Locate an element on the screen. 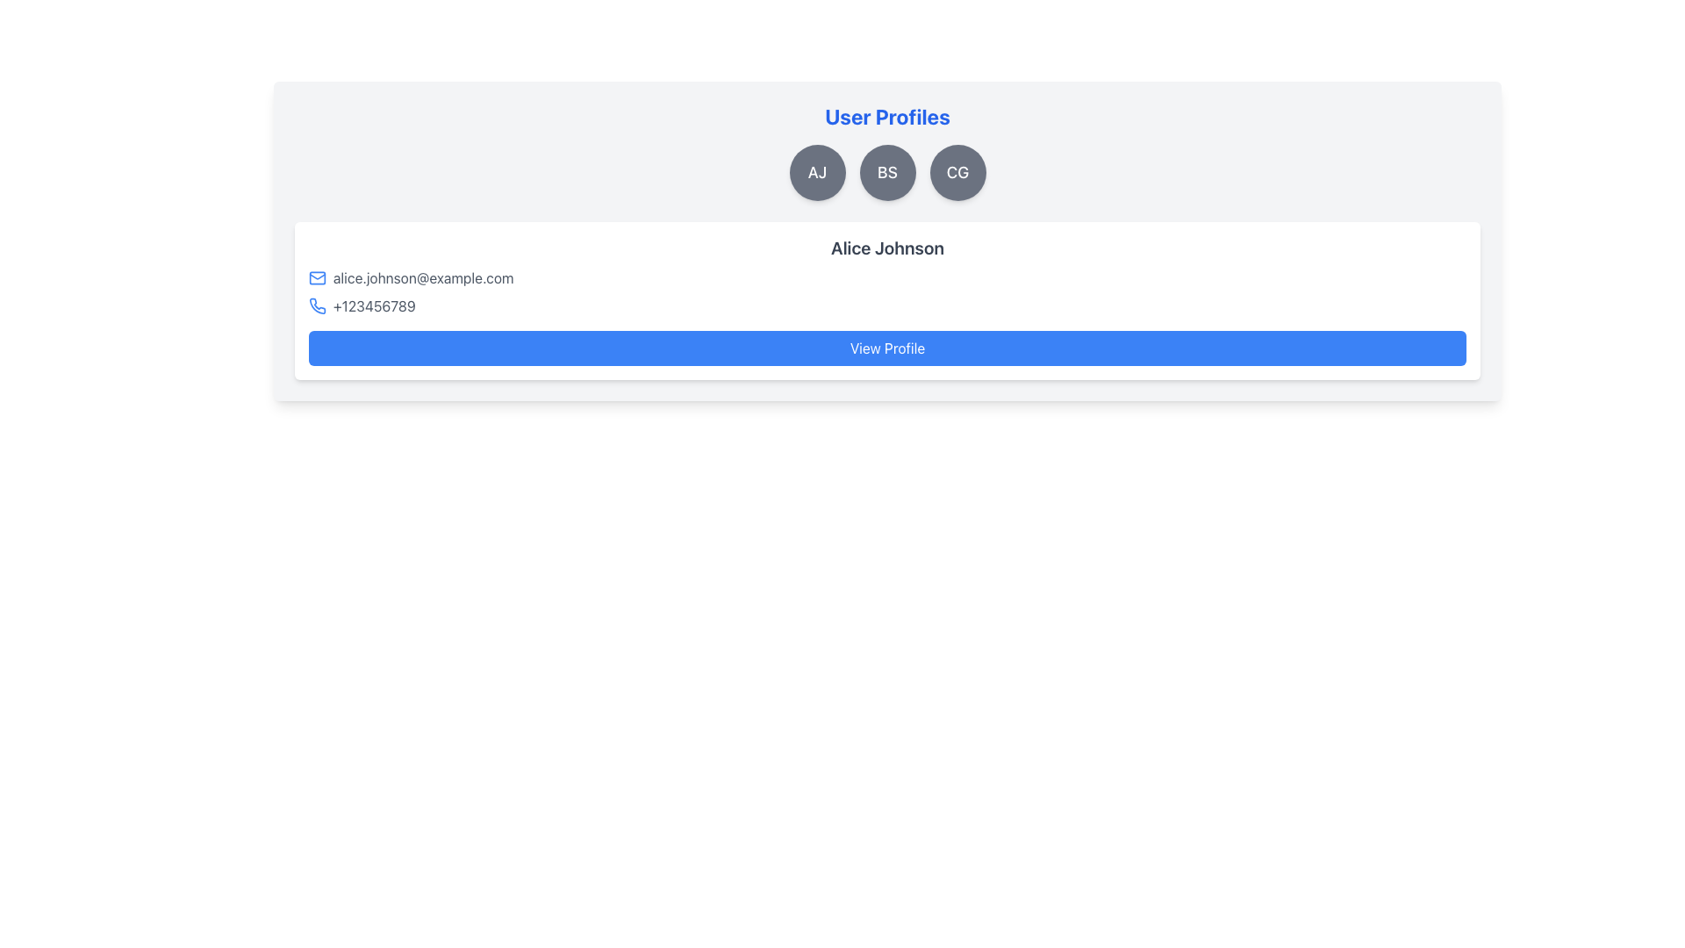 The image size is (1685, 948). the circular grey button labeled 'CG' is located at coordinates (957, 172).